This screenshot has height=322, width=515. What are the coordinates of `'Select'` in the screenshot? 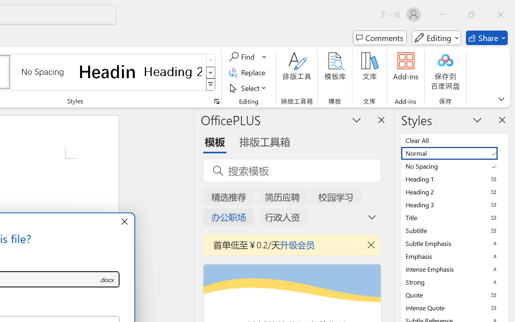 It's located at (248, 88).